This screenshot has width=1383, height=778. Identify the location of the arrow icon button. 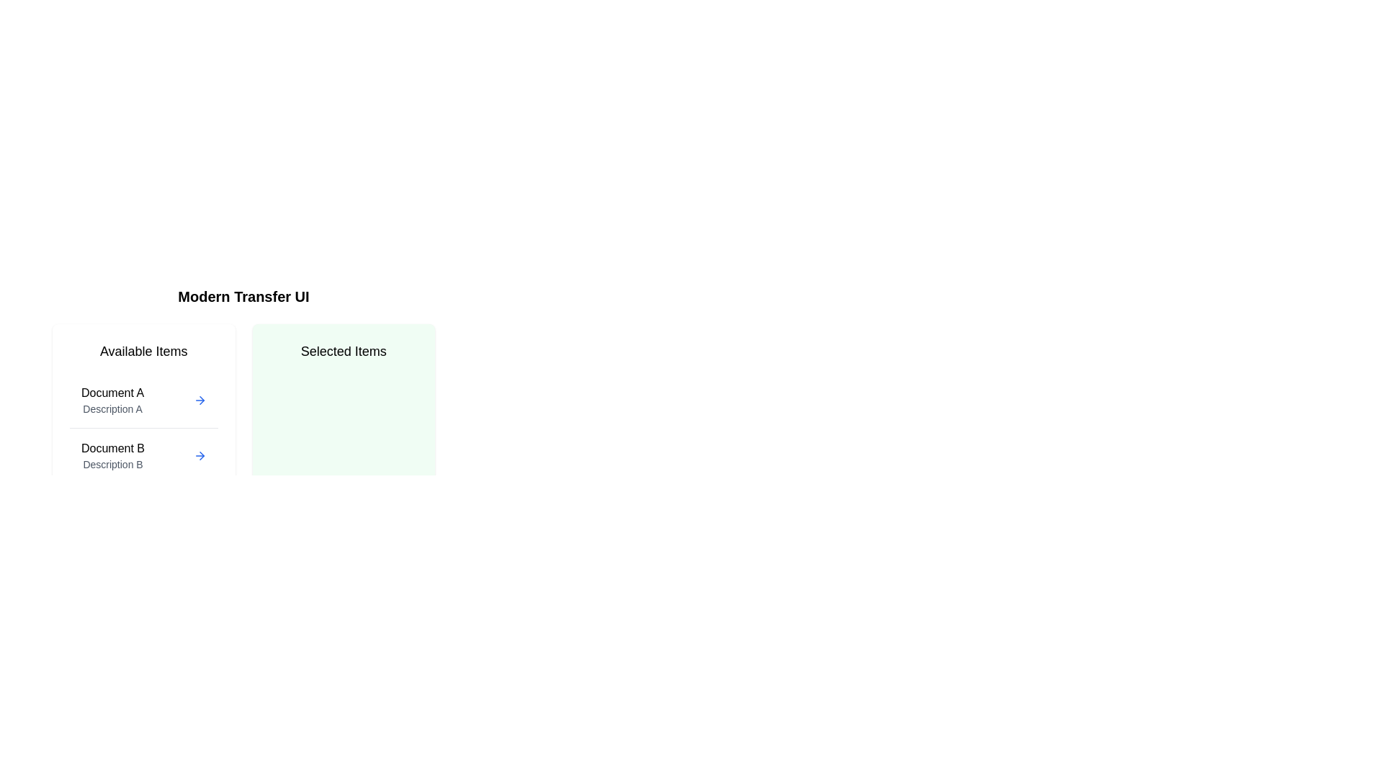
(199, 400).